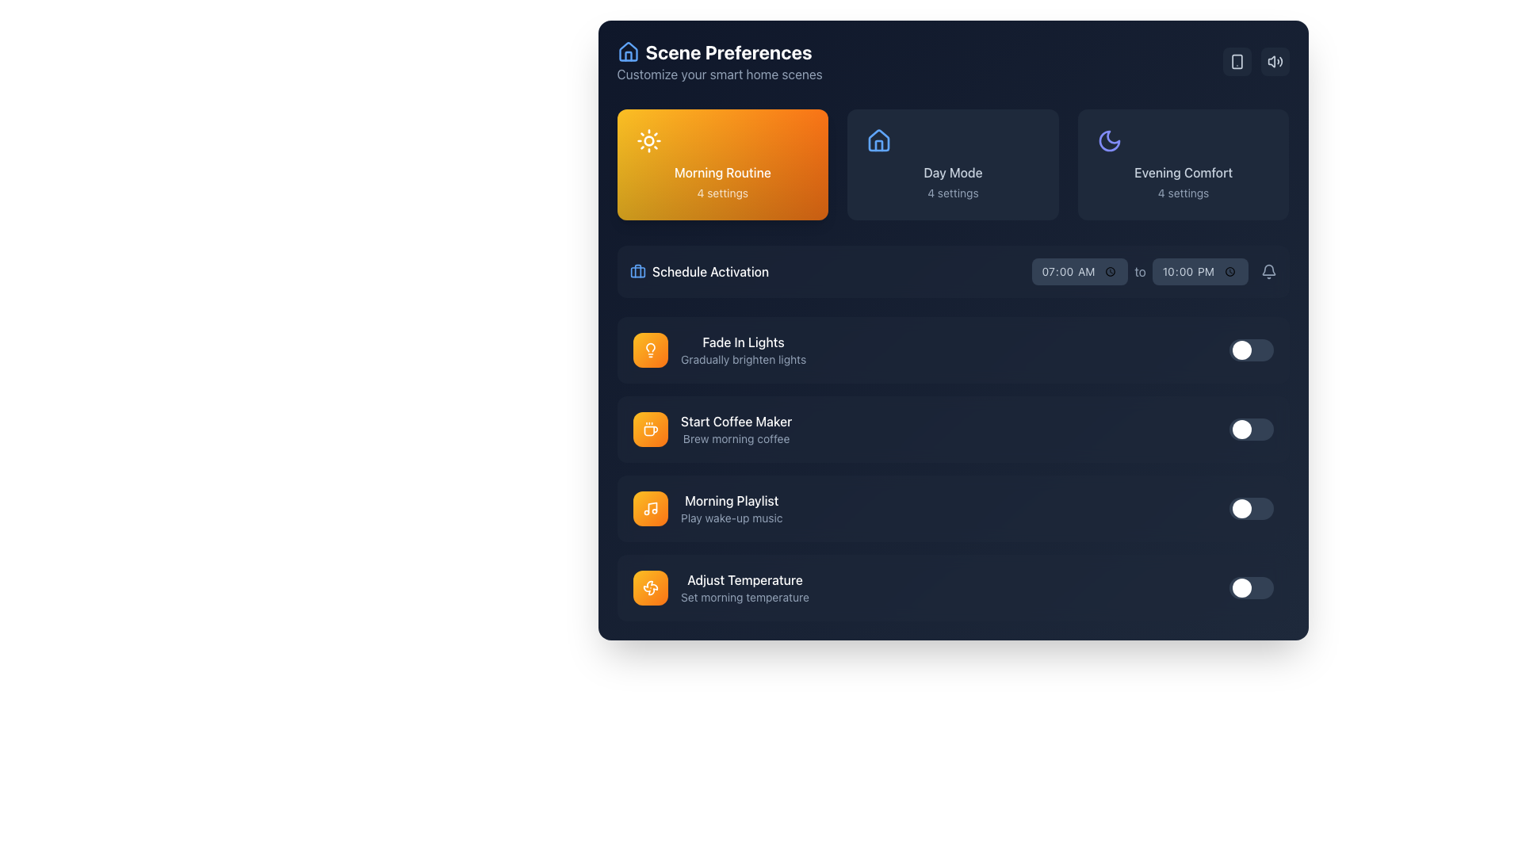 The height and width of the screenshot is (856, 1522). What do you see at coordinates (1108, 139) in the screenshot?
I see `the decorative icon representing the 'Evening Comfort' theme, located at the leftmost portion of the 'Evening Comfort' card, above the label and description` at bounding box center [1108, 139].